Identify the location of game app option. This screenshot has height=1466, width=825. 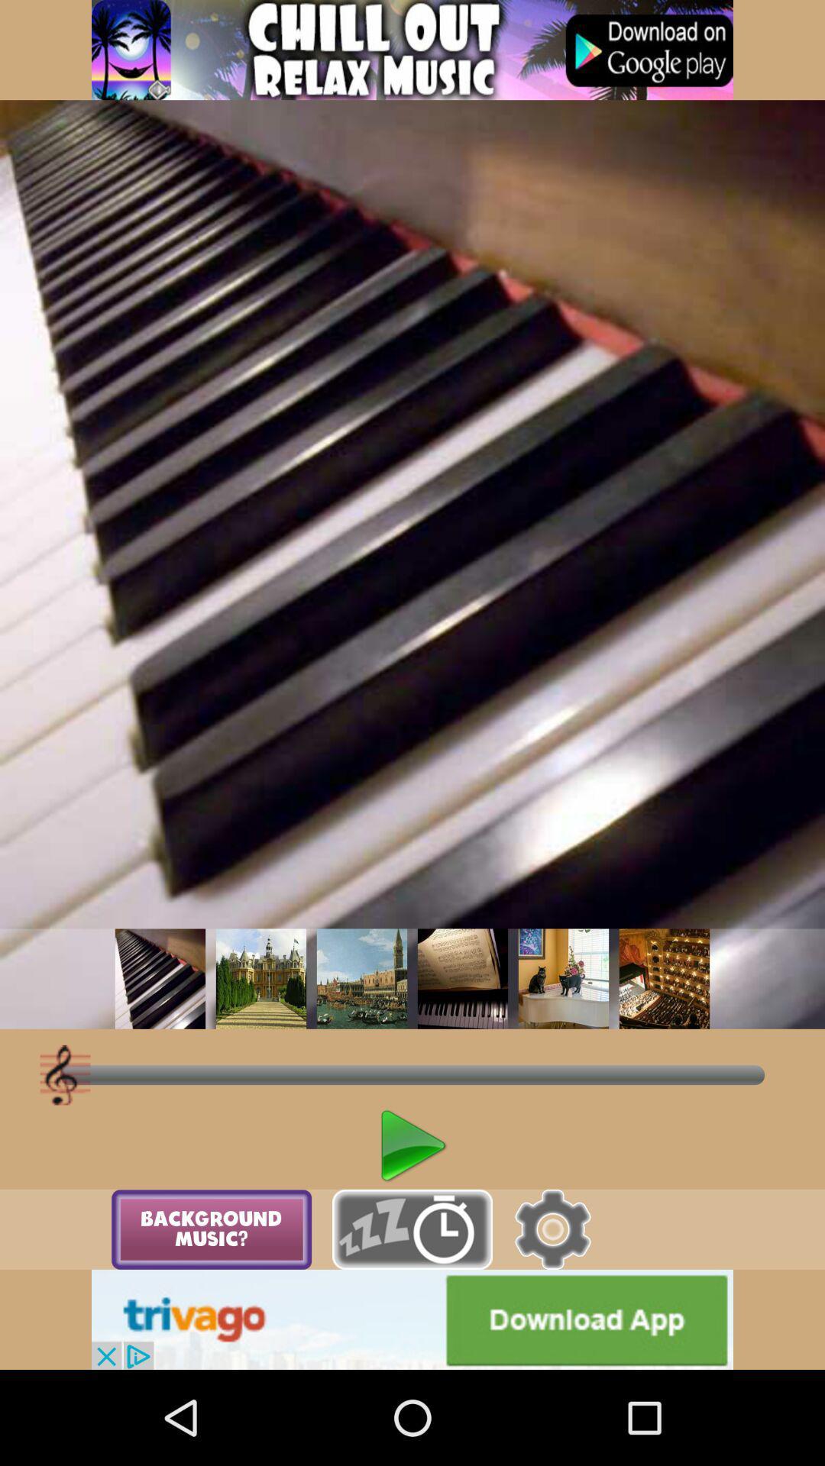
(412, 50).